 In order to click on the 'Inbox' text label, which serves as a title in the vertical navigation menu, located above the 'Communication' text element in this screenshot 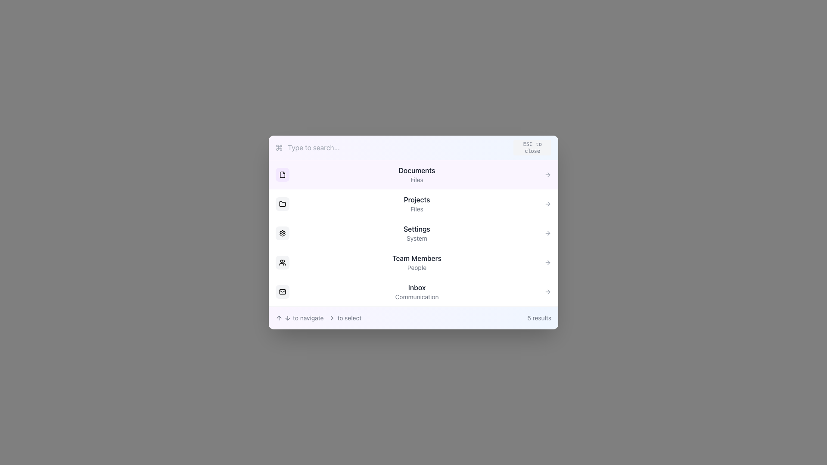, I will do `click(417, 287)`.